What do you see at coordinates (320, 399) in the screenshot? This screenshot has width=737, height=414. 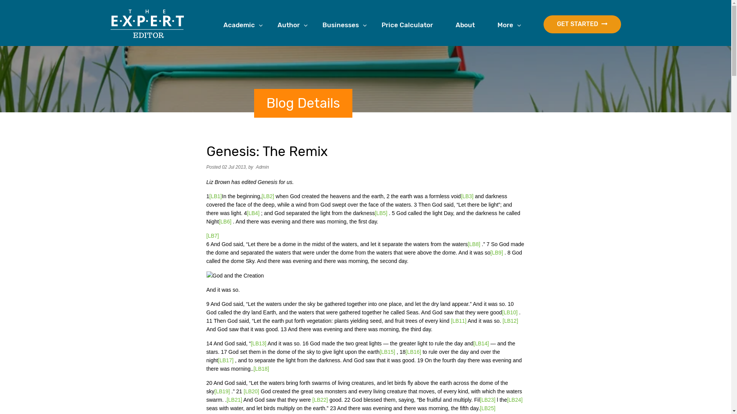 I see `'[LB22]'` at bounding box center [320, 399].